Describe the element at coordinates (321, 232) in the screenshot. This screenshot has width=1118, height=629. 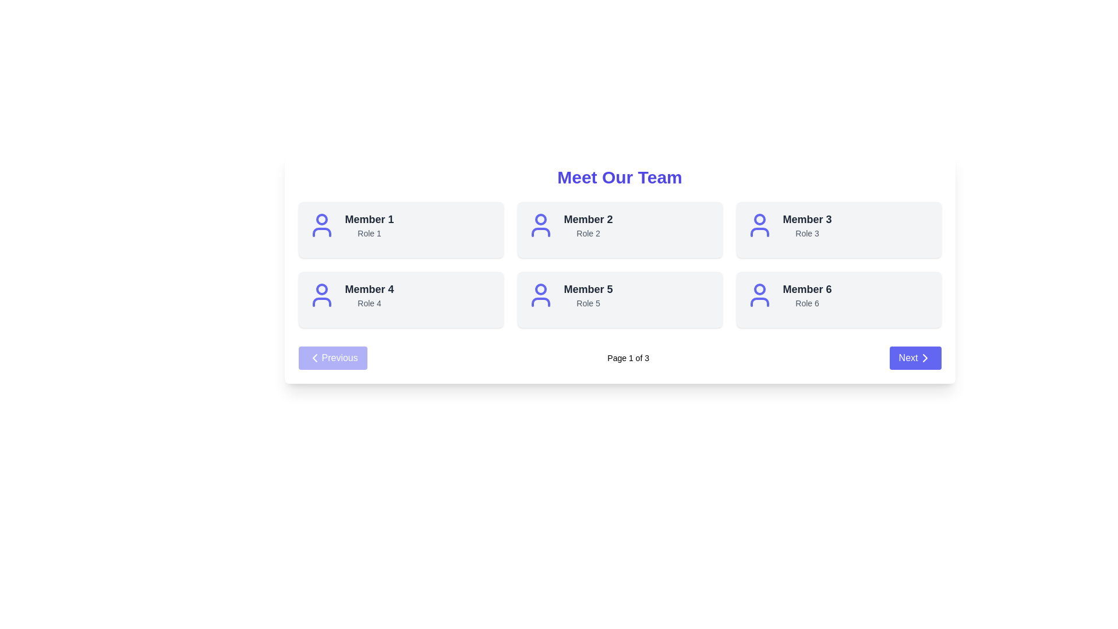
I see `the decorative graphical vector element representing 'Member 1' in the user icon located in the upper-left quadrant of the interface` at that location.